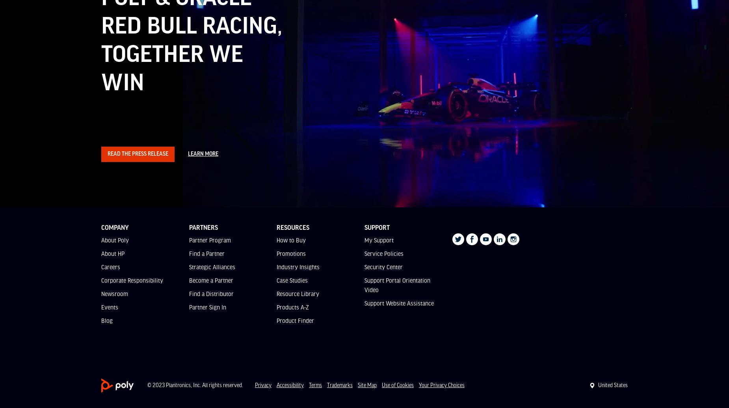  Describe the element at coordinates (292, 280) in the screenshot. I see `'Case Studies'` at that location.